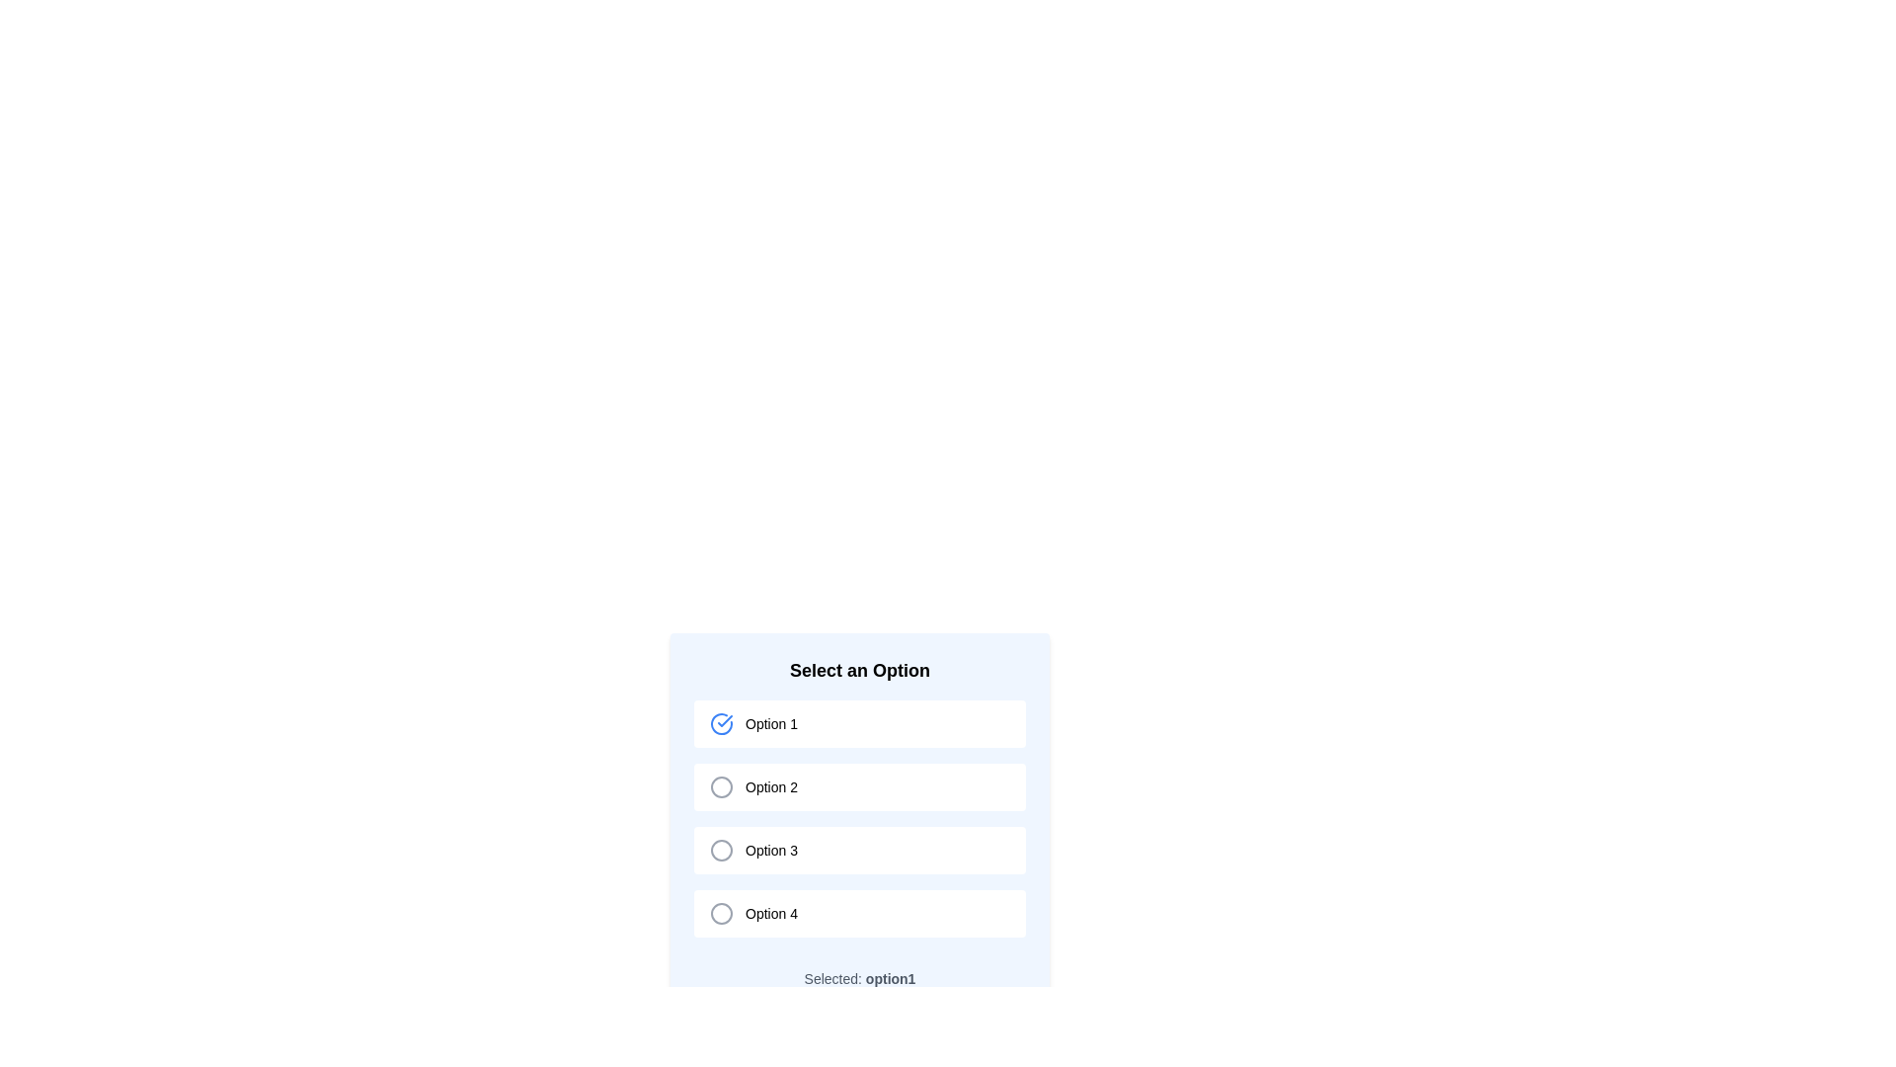  Describe the element at coordinates (770, 914) in the screenshot. I see `the label that visually represents 'Option 4' in the fourth row of the vertically aligned list of options` at that location.